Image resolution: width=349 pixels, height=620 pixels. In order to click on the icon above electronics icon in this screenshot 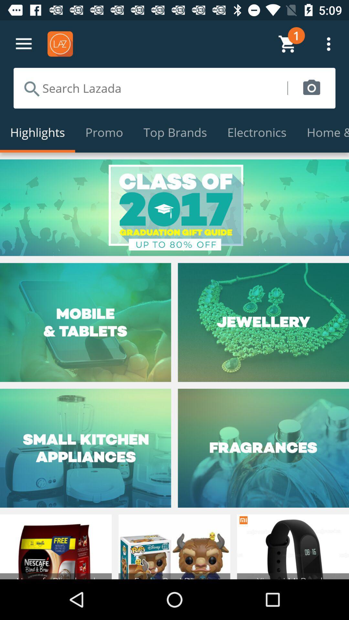, I will do `click(311, 88)`.